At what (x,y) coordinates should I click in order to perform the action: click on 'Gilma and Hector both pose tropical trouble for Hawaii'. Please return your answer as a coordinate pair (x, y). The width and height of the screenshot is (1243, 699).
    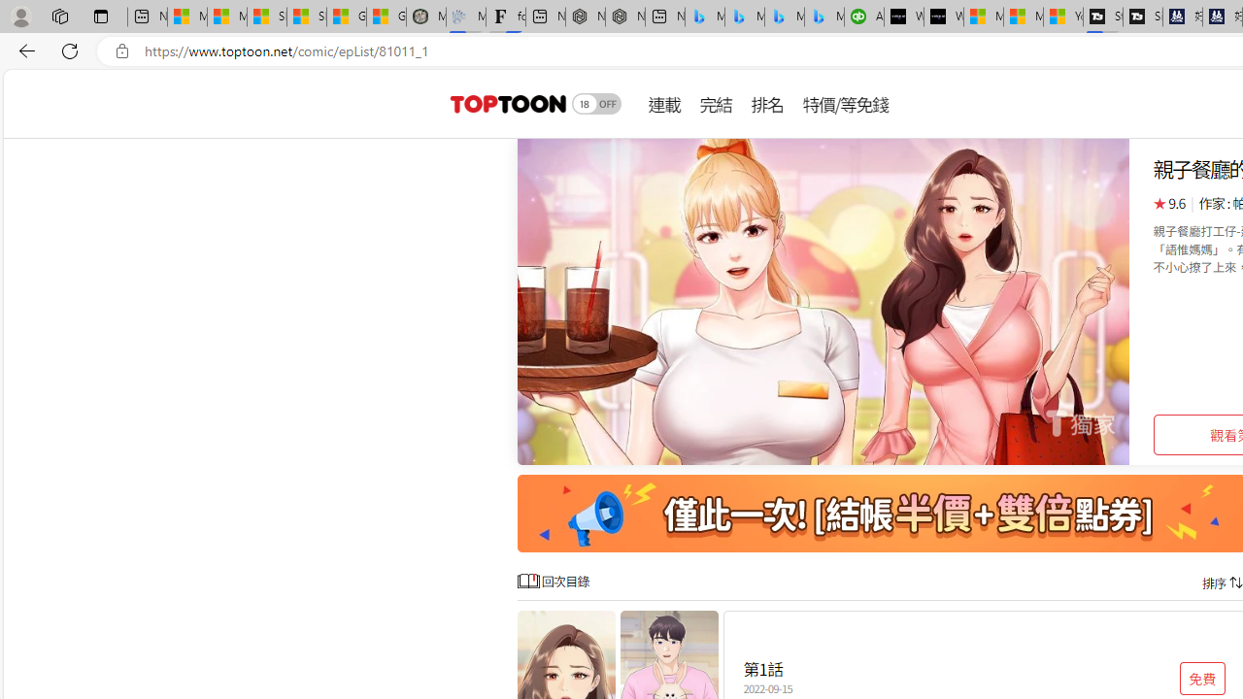
    Looking at the image, I should click on (386, 17).